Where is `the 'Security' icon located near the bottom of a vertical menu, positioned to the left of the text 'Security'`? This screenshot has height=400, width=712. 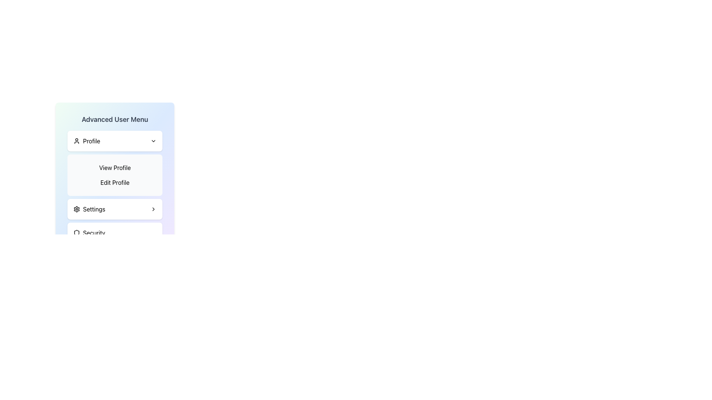 the 'Security' icon located near the bottom of a vertical menu, positioned to the left of the text 'Security' is located at coordinates (76, 232).